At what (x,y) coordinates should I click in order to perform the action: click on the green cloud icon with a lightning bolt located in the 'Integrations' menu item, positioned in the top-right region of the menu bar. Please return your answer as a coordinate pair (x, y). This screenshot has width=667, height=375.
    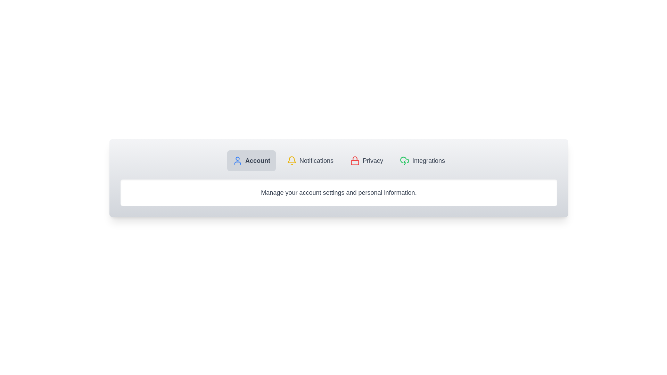
    Looking at the image, I should click on (405, 160).